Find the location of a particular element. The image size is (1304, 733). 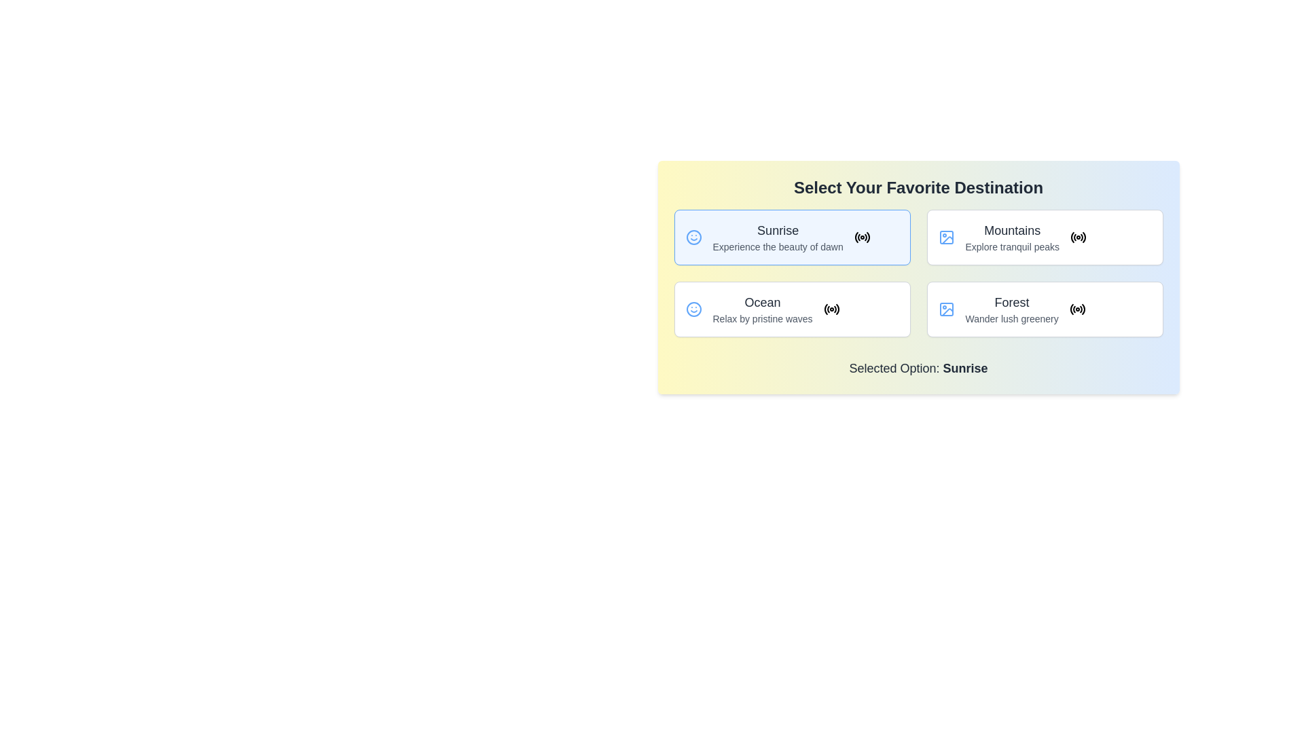

the 'Forest' title element, which is a bold and larger dark gray text label in the bottom-right quadrant of the grid, to make a selection is located at coordinates (1011, 302).